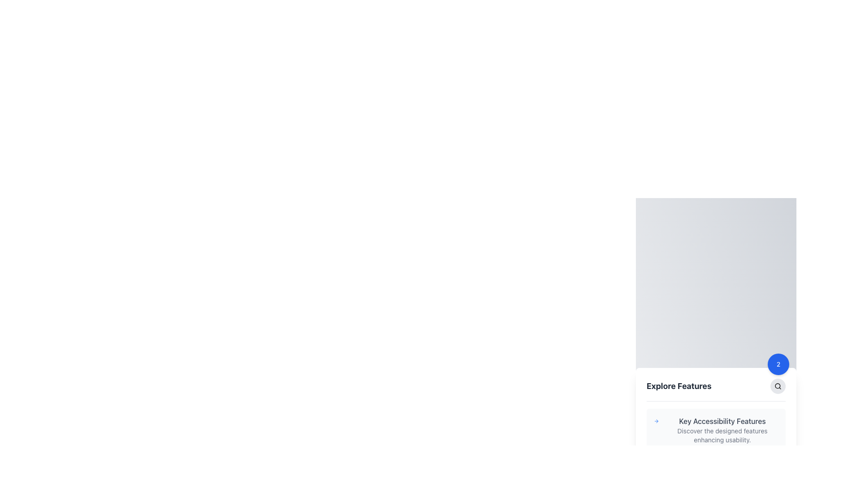 The height and width of the screenshot is (484, 861). What do you see at coordinates (722, 435) in the screenshot?
I see `text label that says 'Discover the designed features enhancing usability.' located below the headline 'Key Accessibility Features' in the 'Explore Features' section` at bounding box center [722, 435].